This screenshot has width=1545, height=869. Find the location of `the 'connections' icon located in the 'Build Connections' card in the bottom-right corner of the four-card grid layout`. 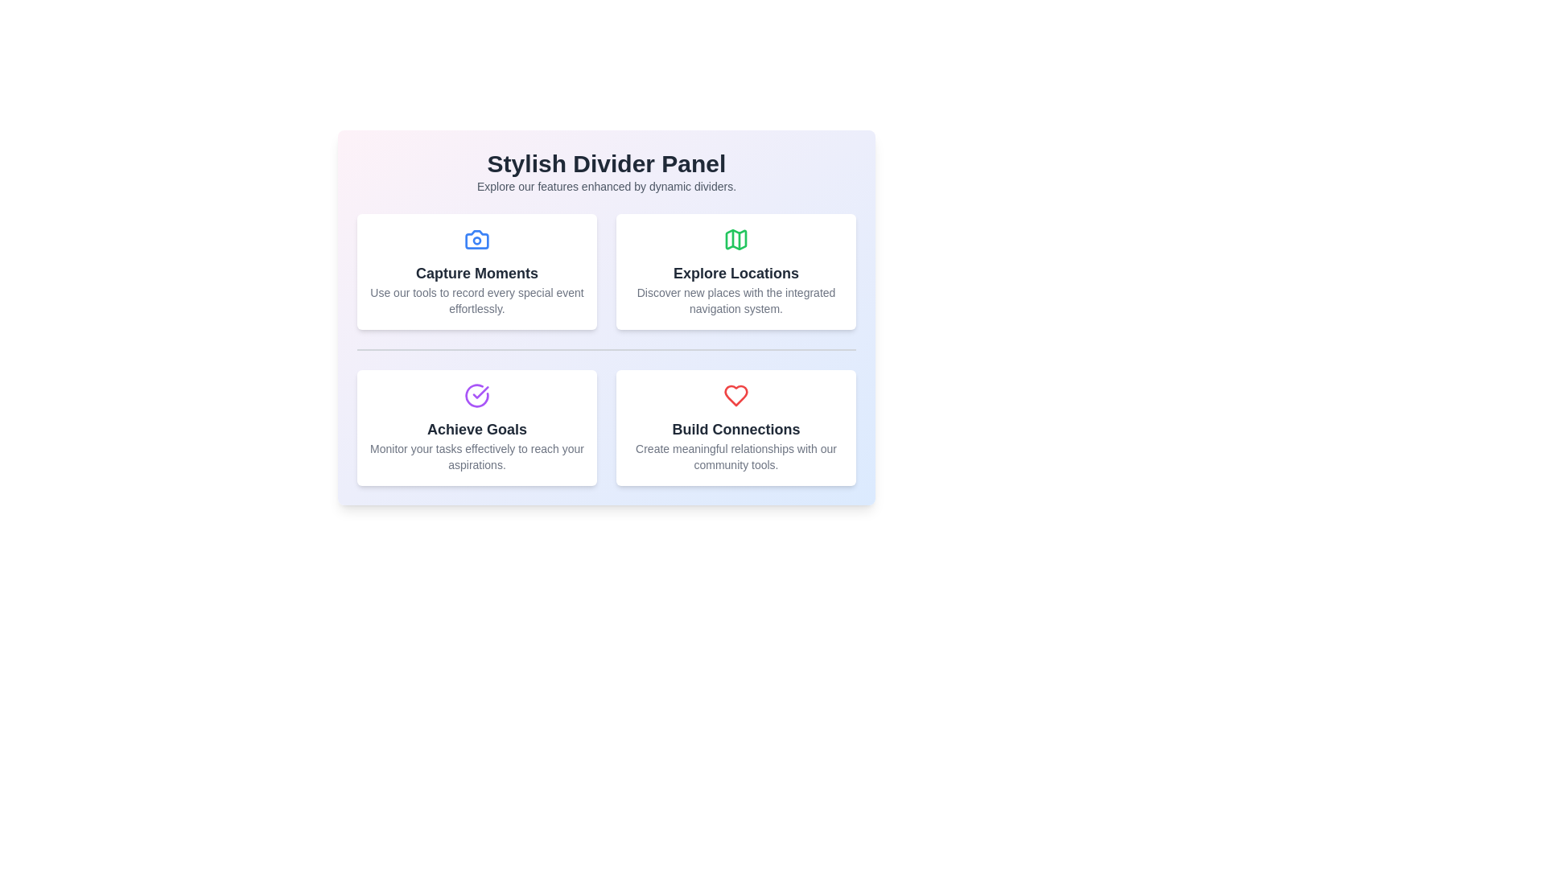

the 'connections' icon located in the 'Build Connections' card in the bottom-right corner of the four-card grid layout is located at coordinates (735, 396).